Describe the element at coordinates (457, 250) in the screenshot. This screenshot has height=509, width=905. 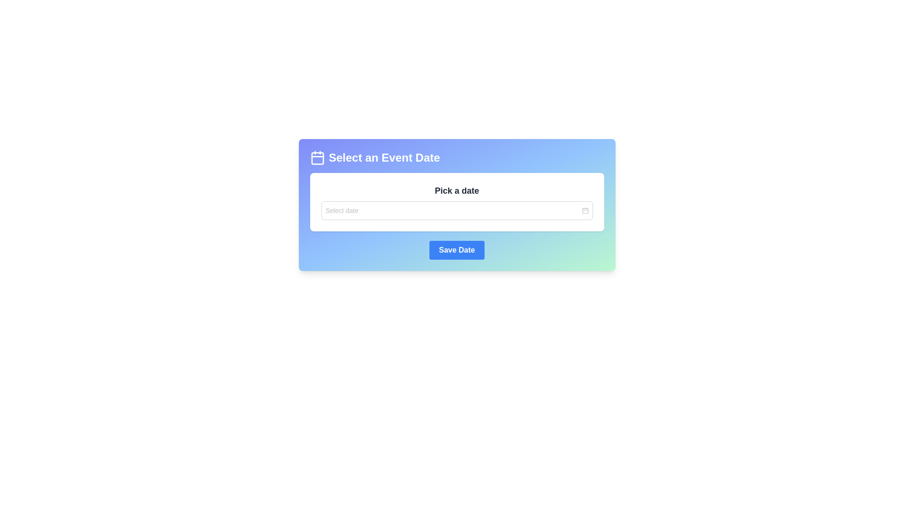
I see `the button located at the bottom of the card section, directly below the date selection box` at that location.